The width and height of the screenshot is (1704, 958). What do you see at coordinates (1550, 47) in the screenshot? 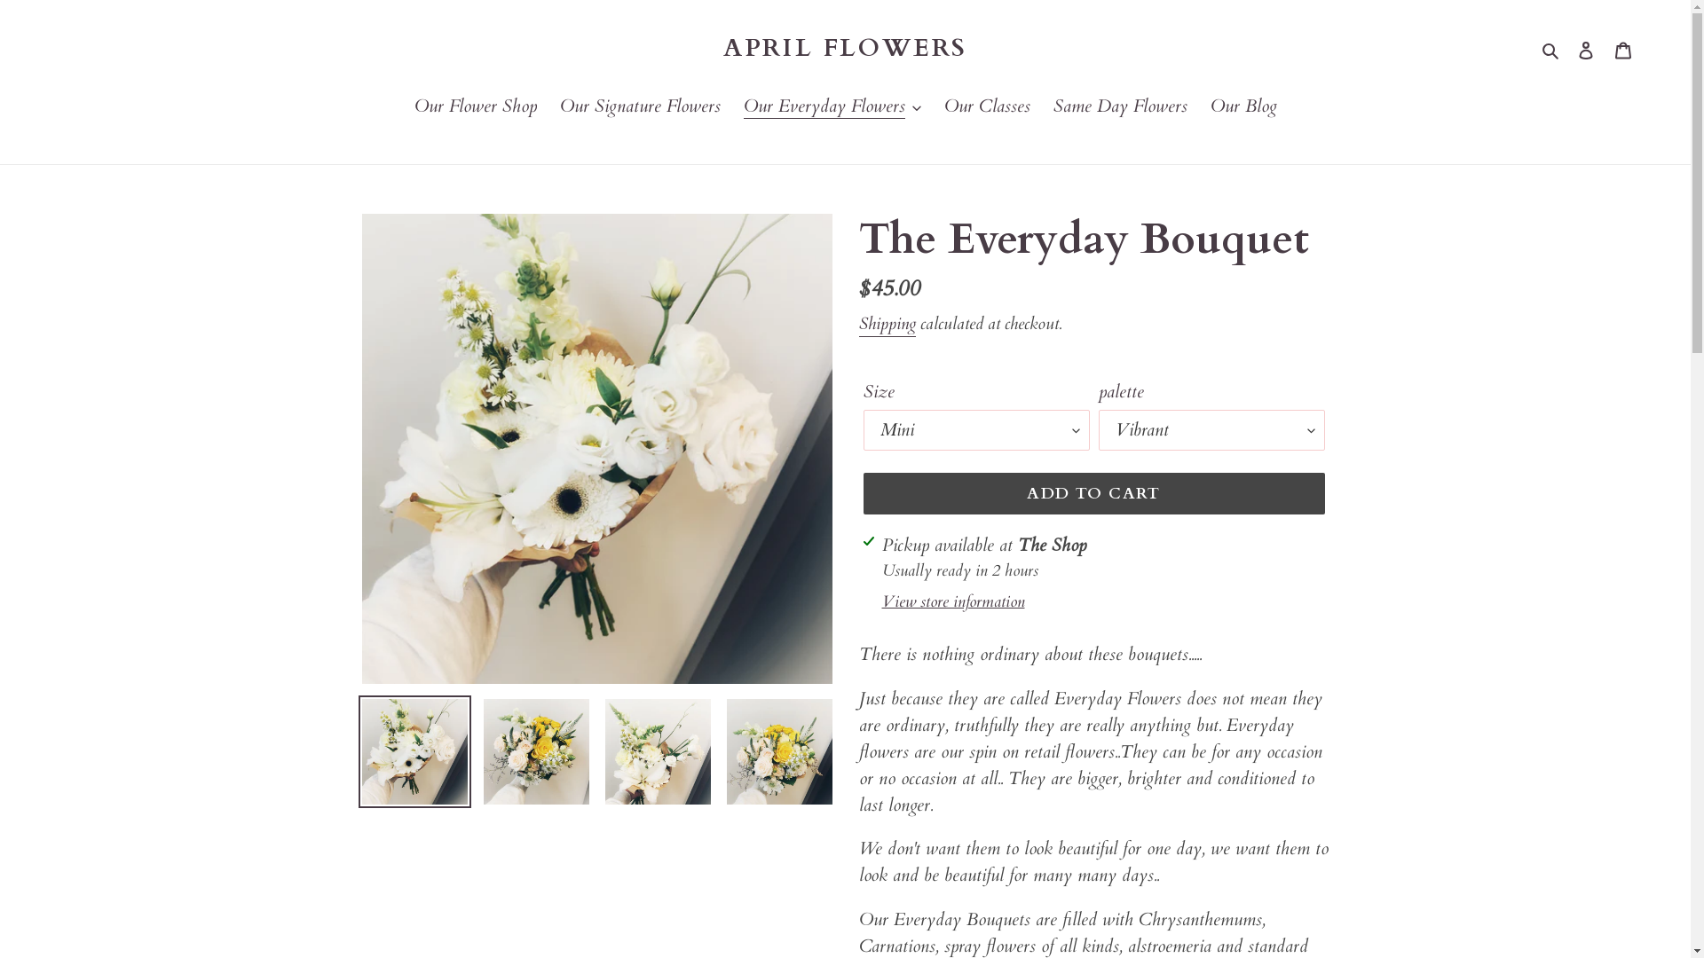
I see `'Search'` at bounding box center [1550, 47].